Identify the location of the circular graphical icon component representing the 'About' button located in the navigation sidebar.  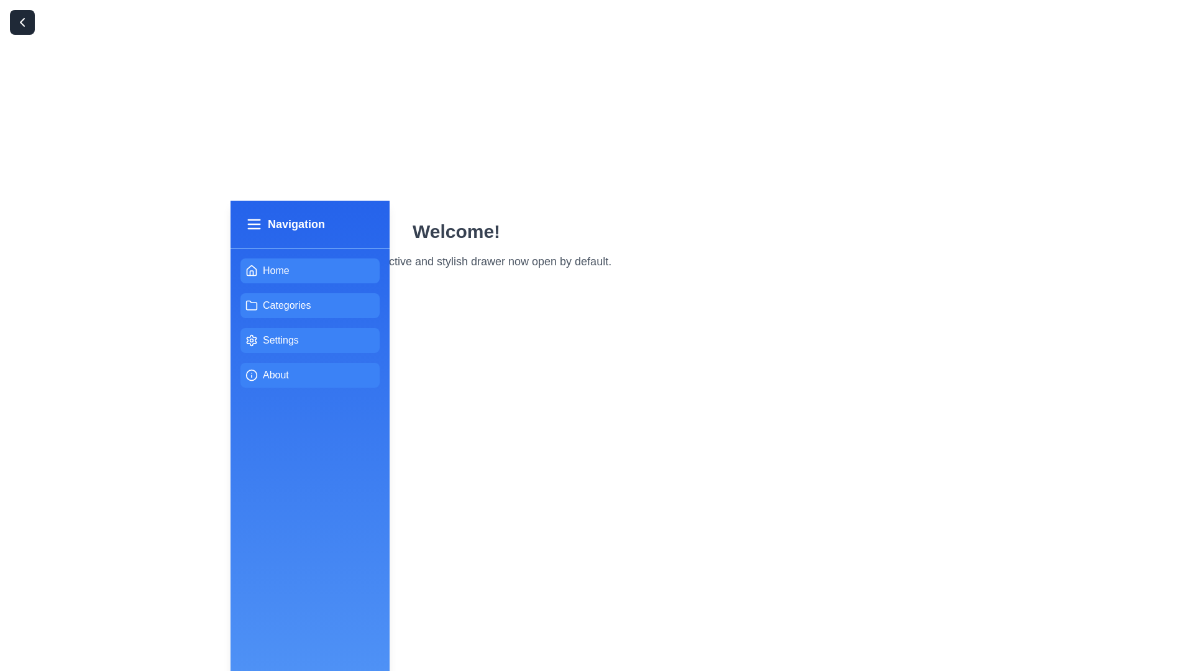
(250, 375).